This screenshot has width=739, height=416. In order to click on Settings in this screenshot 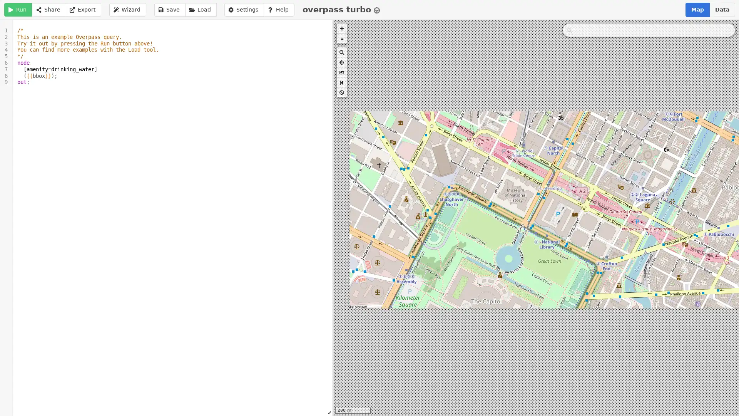, I will do `click(243, 10)`.